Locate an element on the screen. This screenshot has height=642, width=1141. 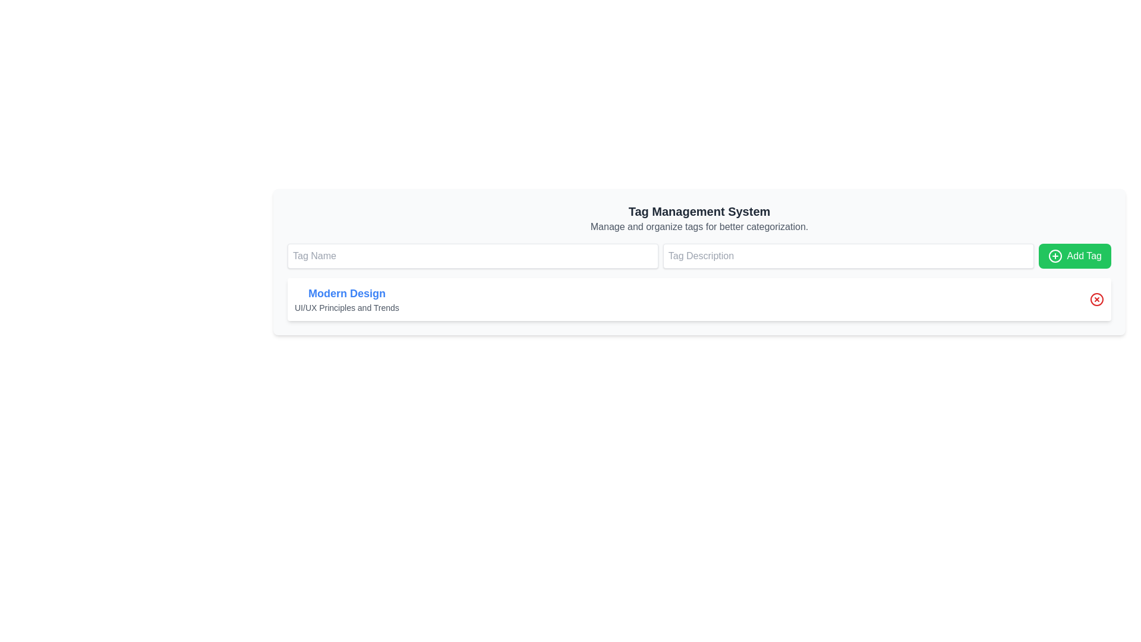
the descriptive text label located below the 'Modern Design' title, which is smaller and gray in color is located at coordinates (346, 307).